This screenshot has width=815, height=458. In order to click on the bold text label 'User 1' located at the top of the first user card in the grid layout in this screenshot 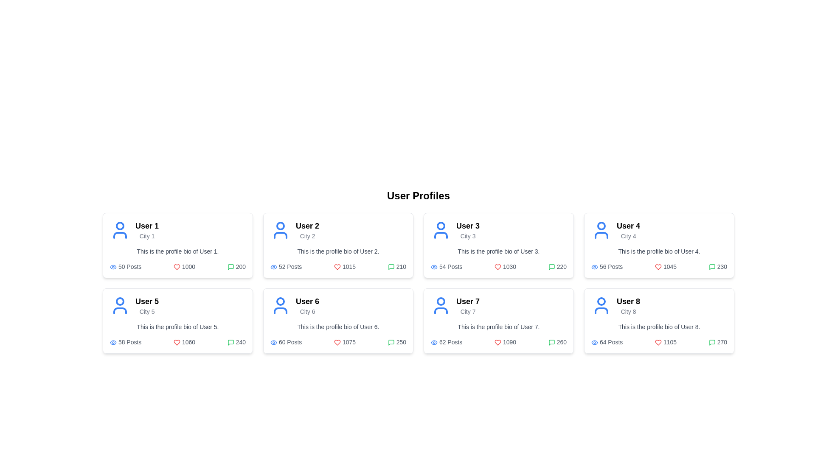, I will do `click(147, 225)`.